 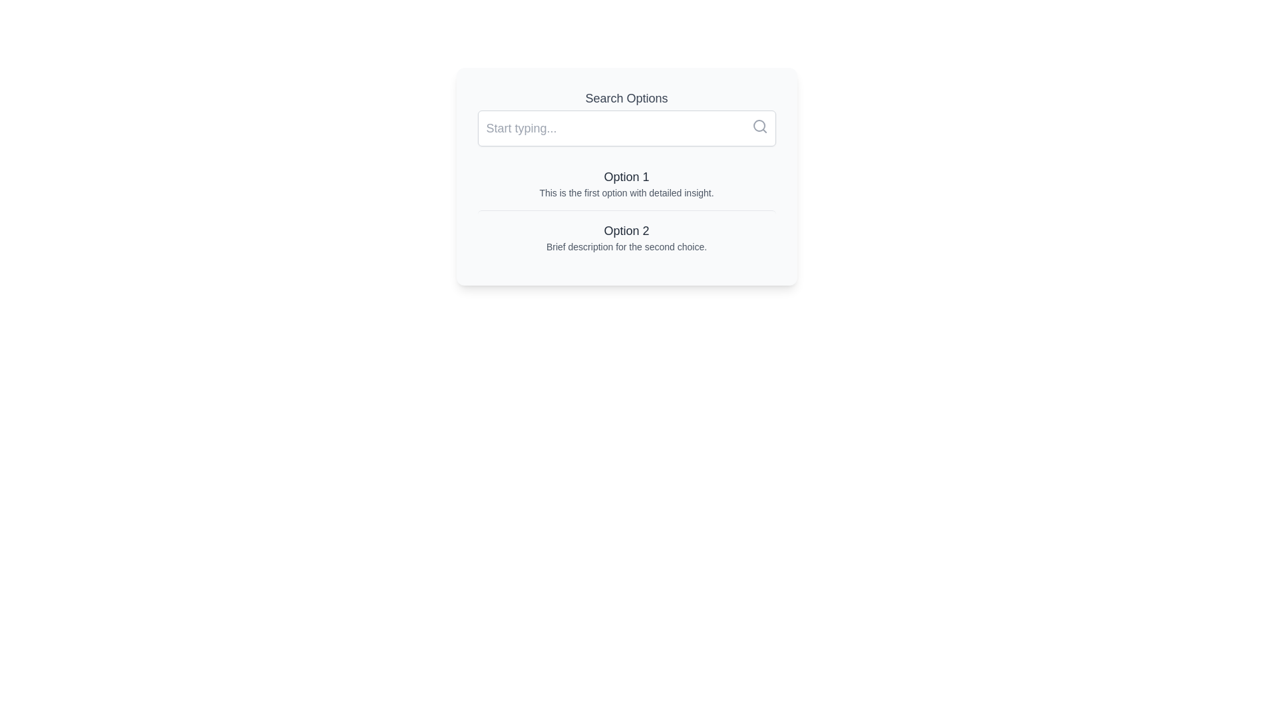 I want to click on the text element displaying 'Option 2', which is a primary title in the second card of a vertical list of options, so click(x=626, y=230).